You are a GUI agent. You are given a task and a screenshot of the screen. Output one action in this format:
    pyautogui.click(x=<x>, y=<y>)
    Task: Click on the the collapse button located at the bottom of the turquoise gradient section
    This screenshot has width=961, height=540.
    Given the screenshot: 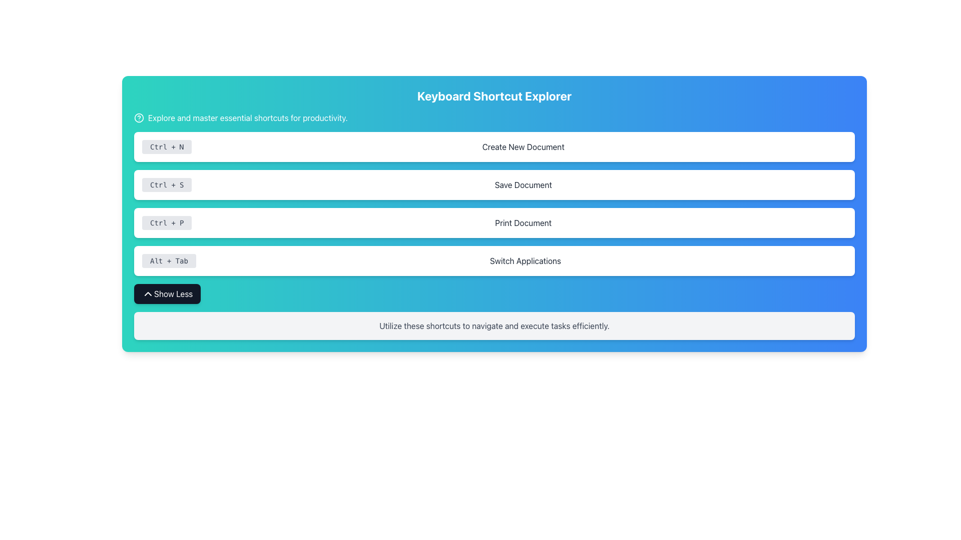 What is the action you would take?
    pyautogui.click(x=167, y=293)
    